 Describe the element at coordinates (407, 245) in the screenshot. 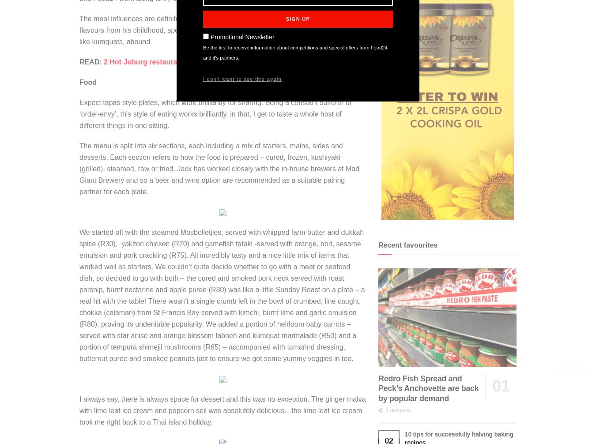

I see `'Recent favourites'` at that location.